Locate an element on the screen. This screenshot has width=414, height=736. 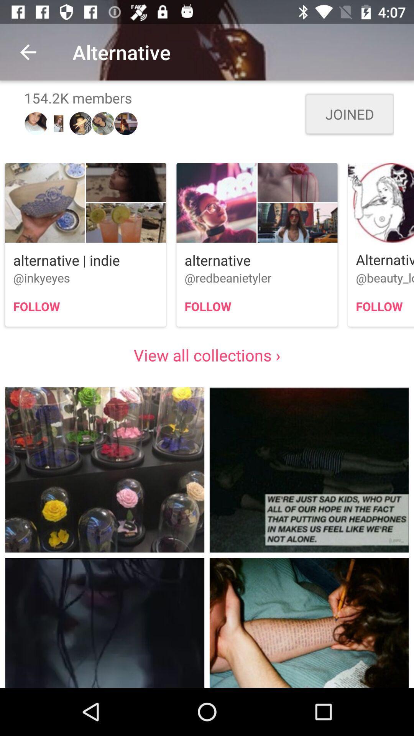
icon to the left of alternative item is located at coordinates (28, 52).